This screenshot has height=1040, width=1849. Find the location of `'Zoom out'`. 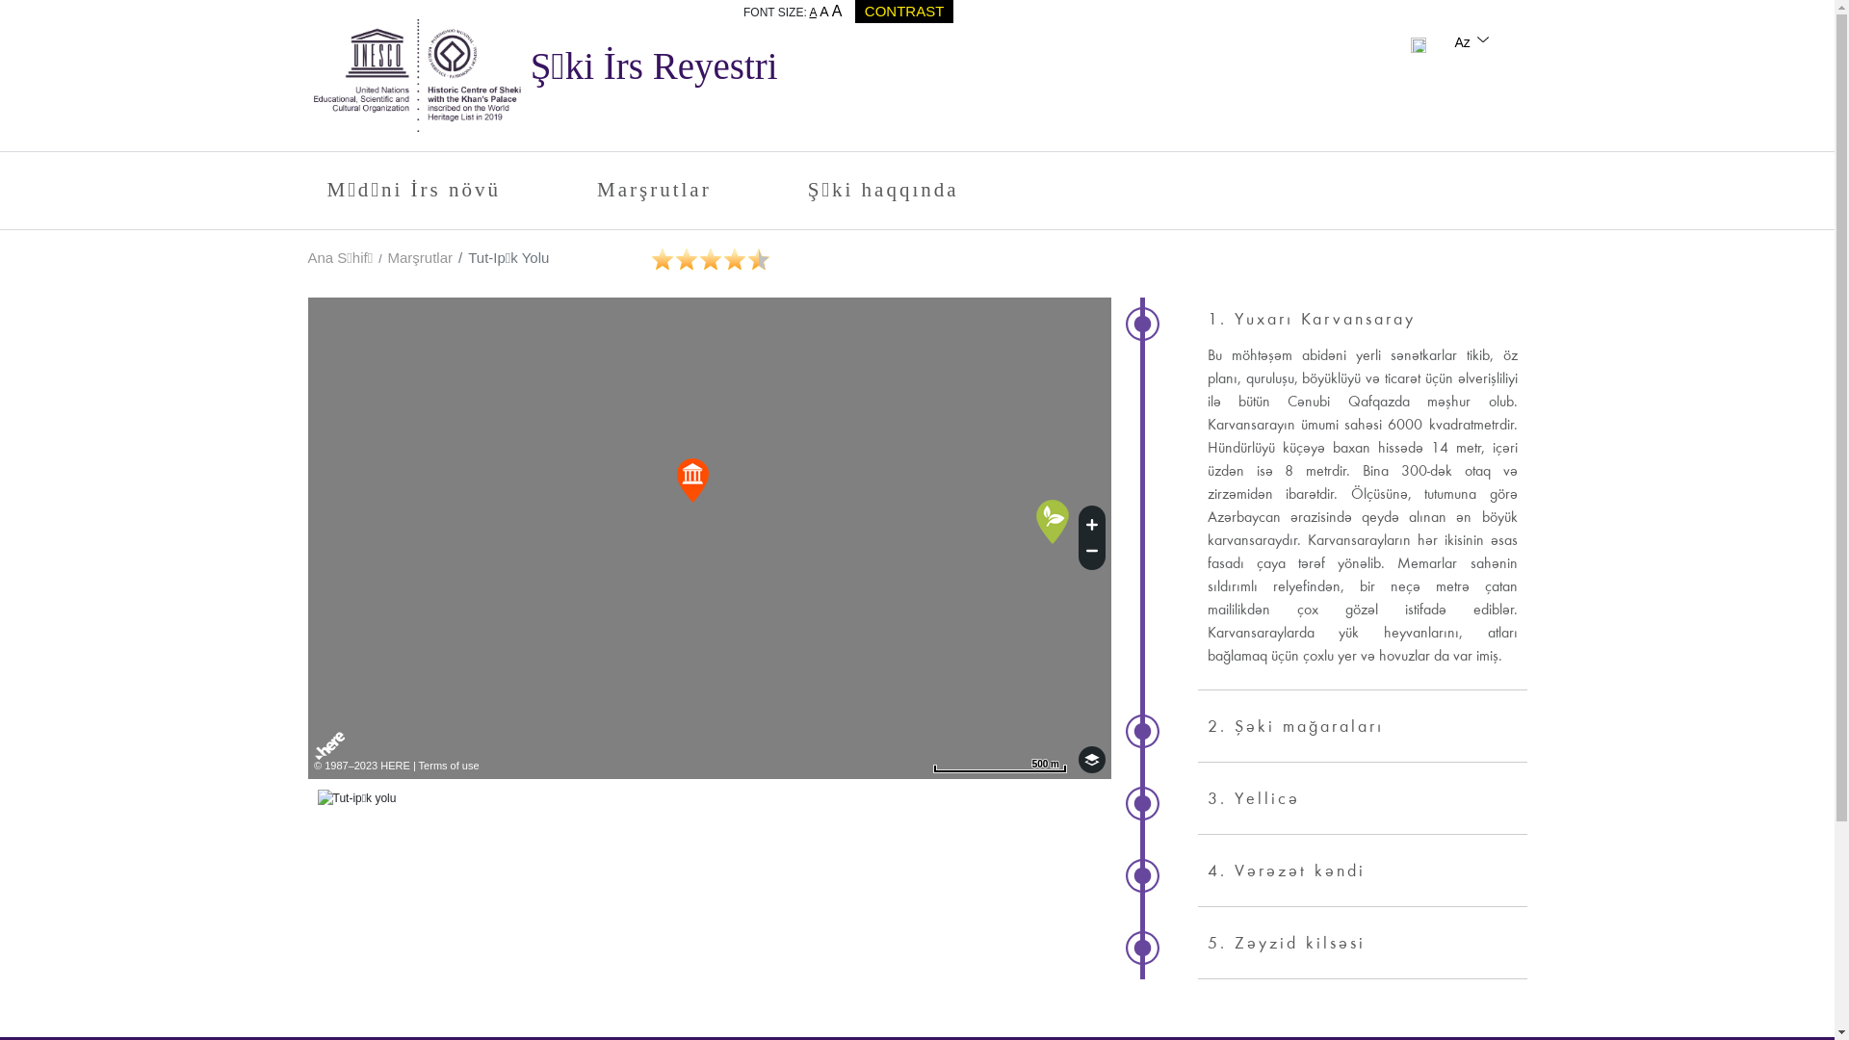

'Zoom out' is located at coordinates (1091, 553).